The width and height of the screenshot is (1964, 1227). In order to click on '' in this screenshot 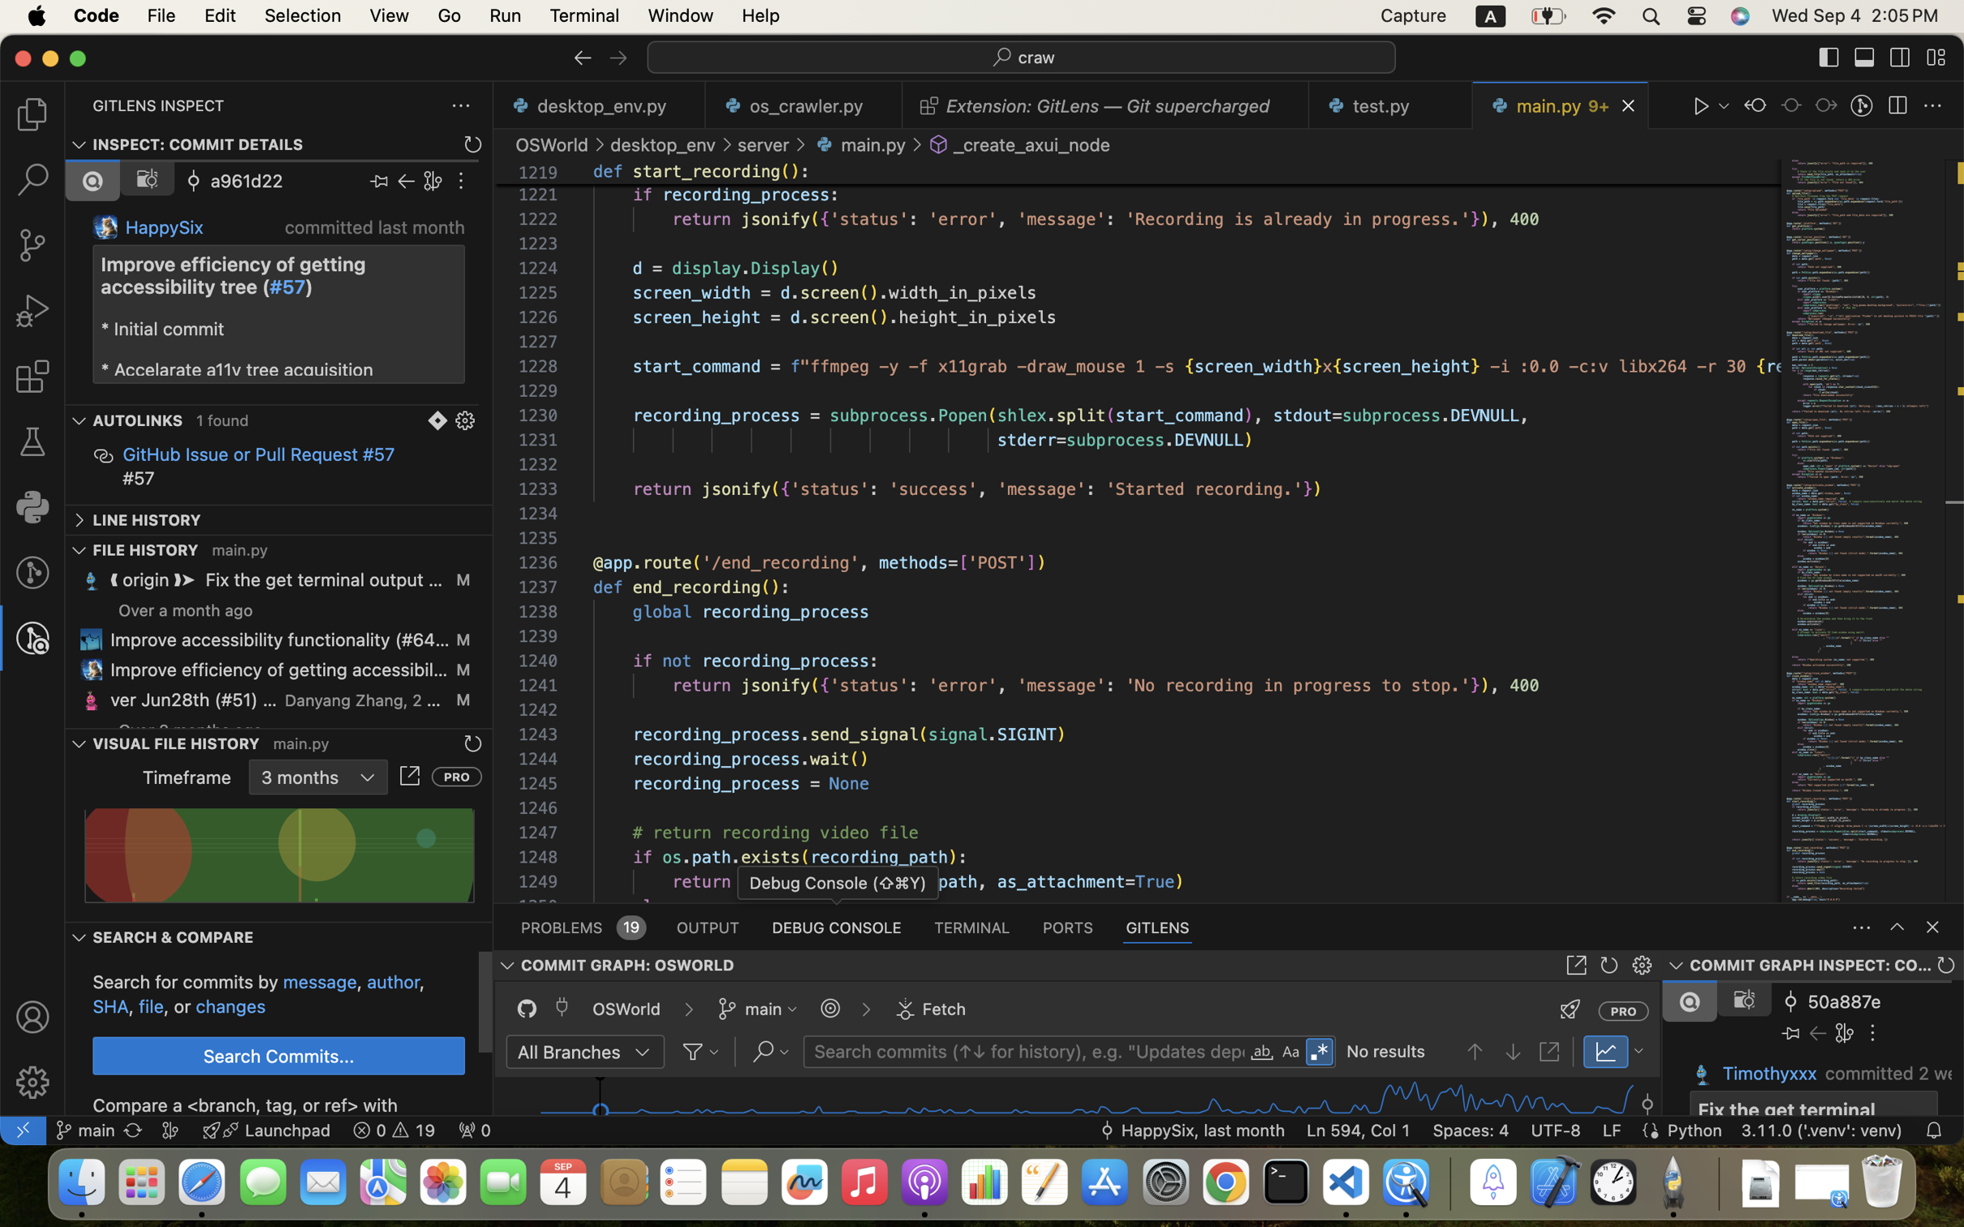, I will do `click(1570, 1008)`.